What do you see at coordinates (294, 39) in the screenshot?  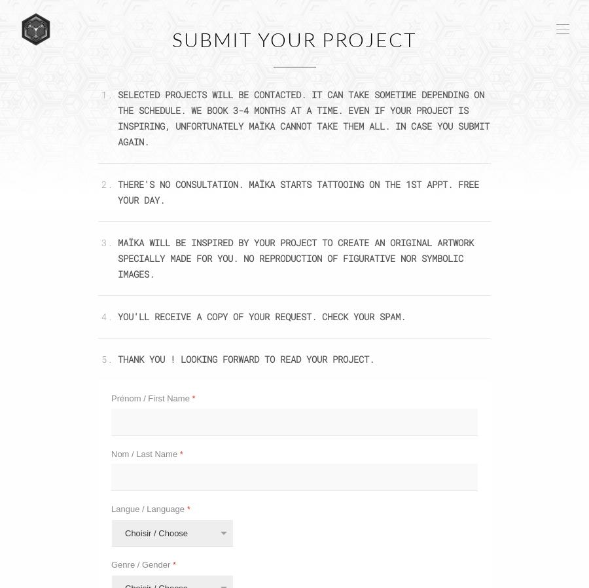 I see `'Submit your project'` at bounding box center [294, 39].